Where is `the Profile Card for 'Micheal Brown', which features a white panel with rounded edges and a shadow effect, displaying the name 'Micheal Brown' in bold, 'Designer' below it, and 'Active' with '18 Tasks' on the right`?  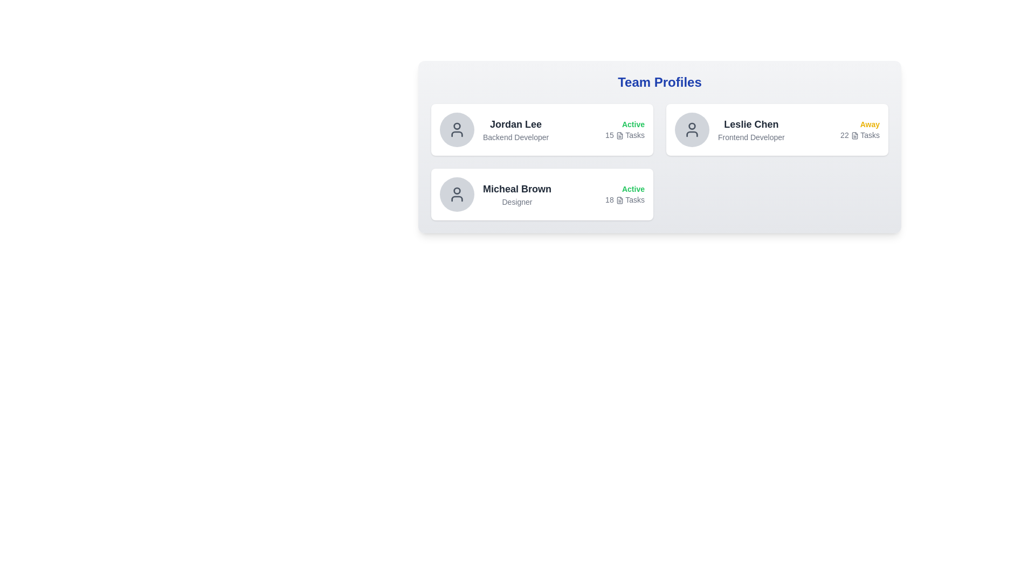 the Profile Card for 'Micheal Brown', which features a white panel with rounded edges and a shadow effect, displaying the name 'Micheal Brown' in bold, 'Designer' below it, and 'Active' with '18 Tasks' on the right is located at coordinates (542, 195).